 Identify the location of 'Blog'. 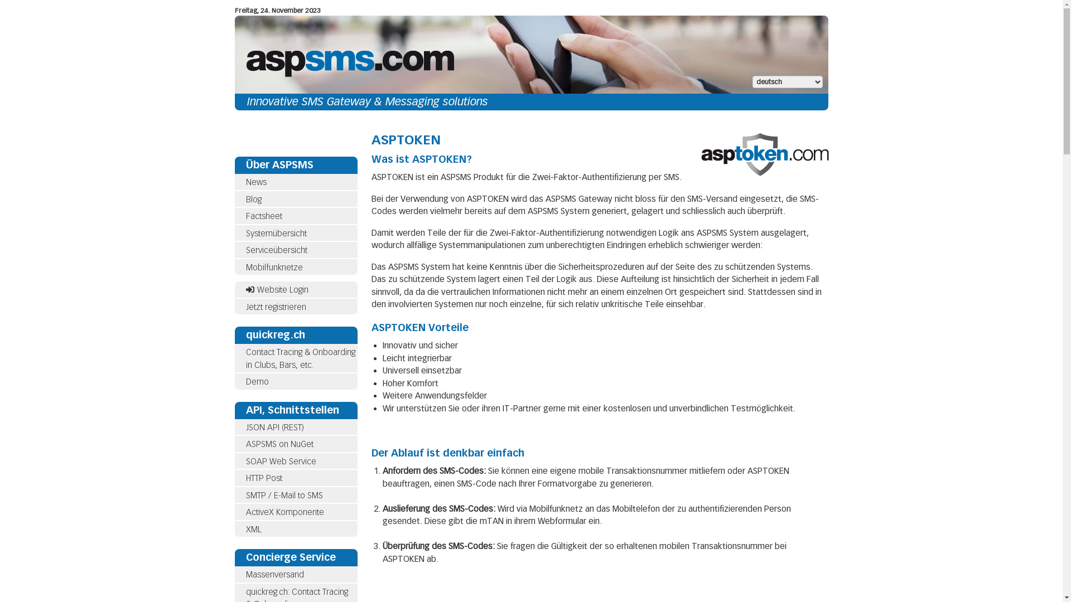
(295, 198).